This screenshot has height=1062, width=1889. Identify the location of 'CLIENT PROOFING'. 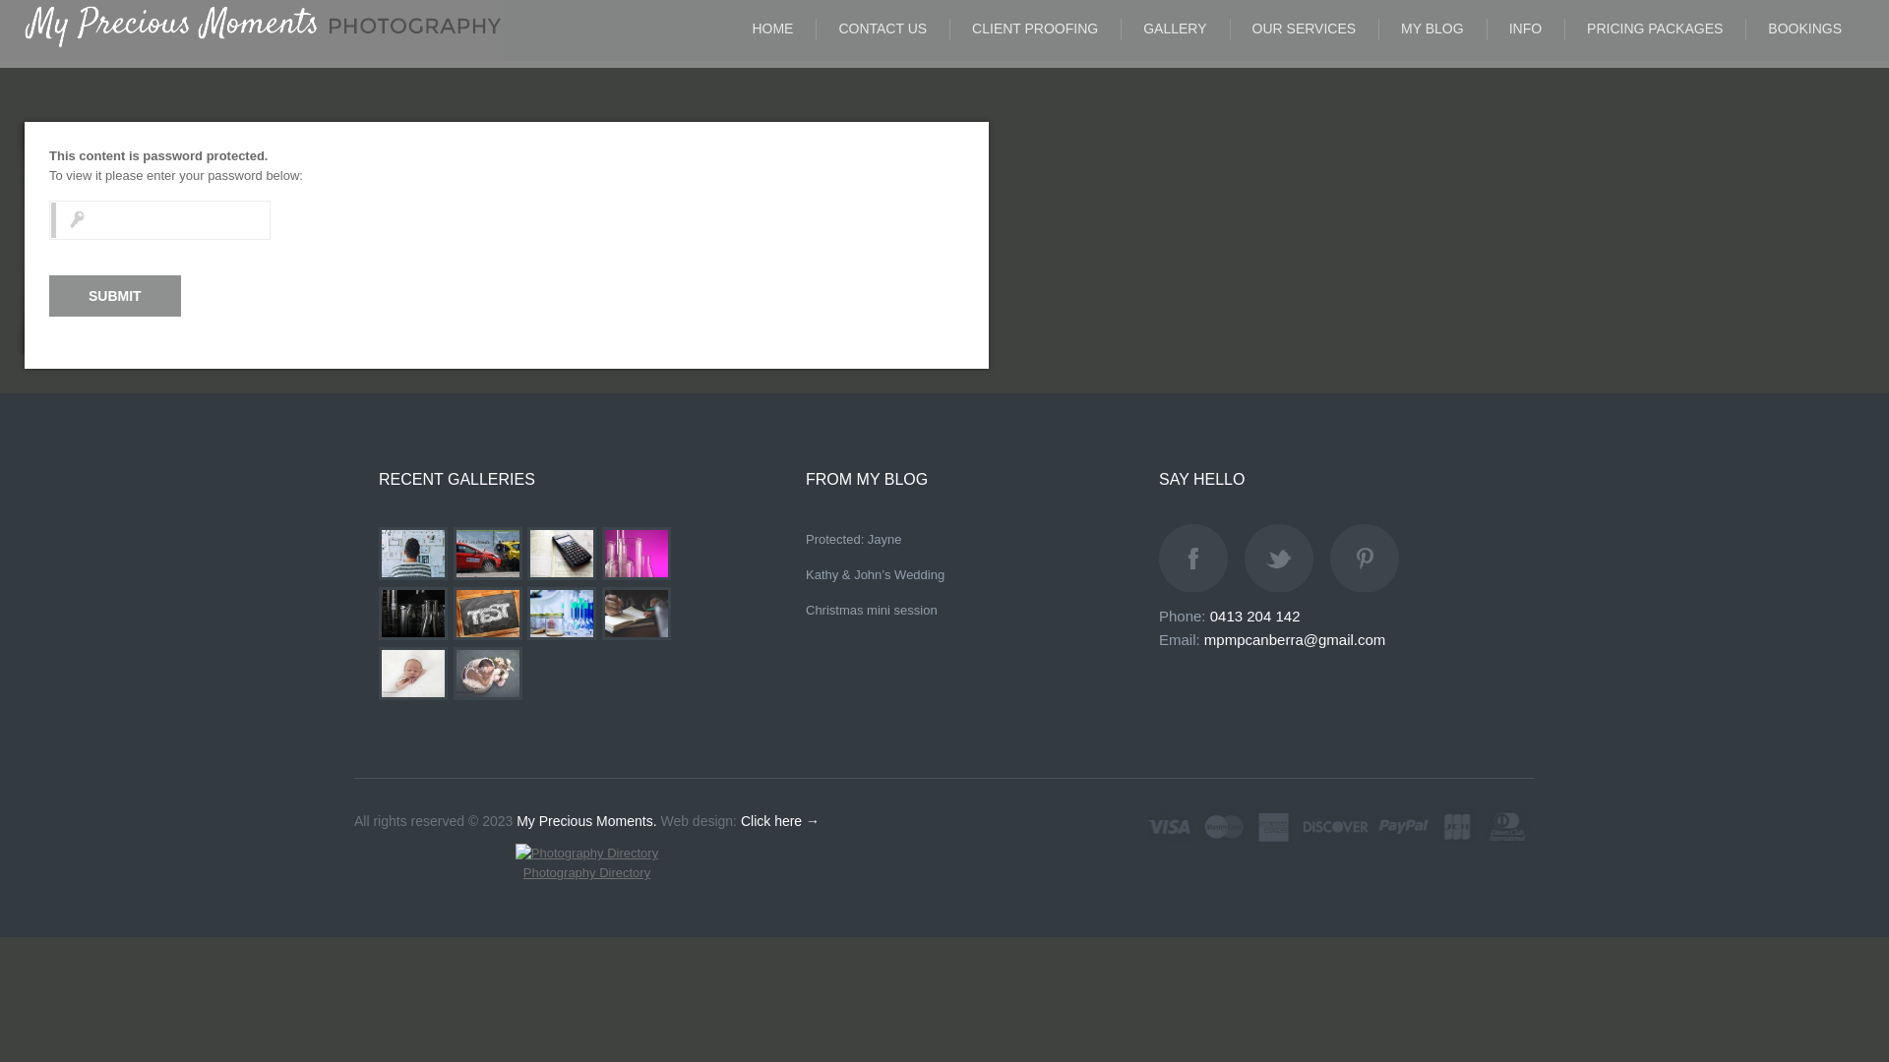
(1033, 29).